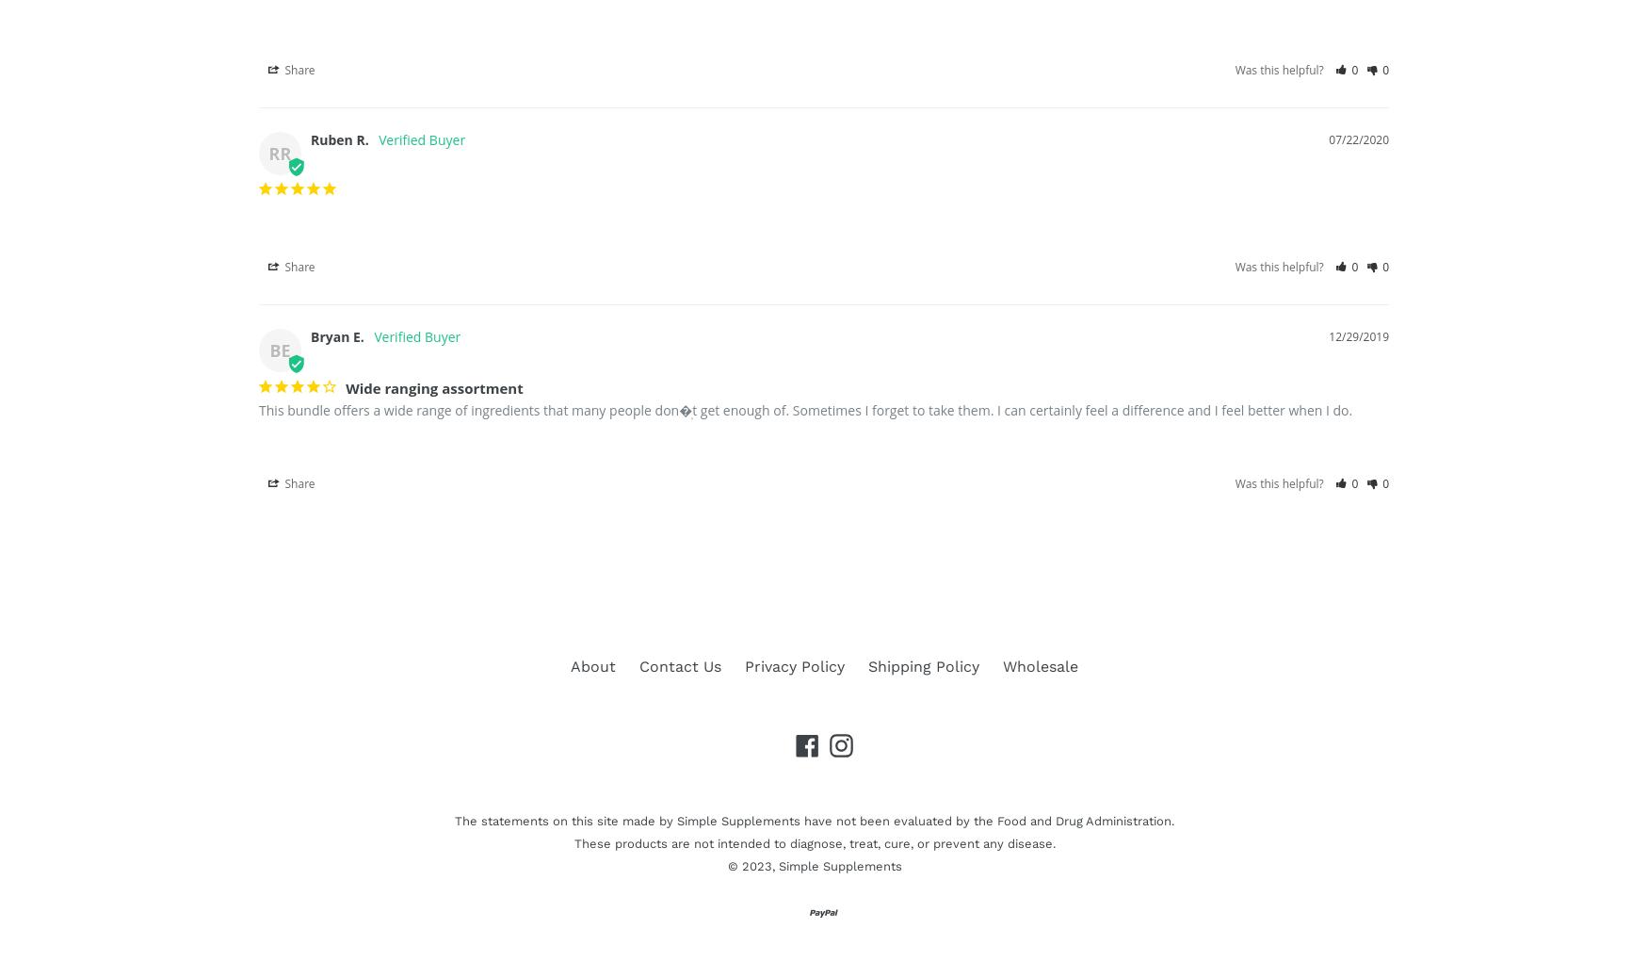 The width and height of the screenshot is (1648, 978). What do you see at coordinates (923, 664) in the screenshot?
I see `'Shipping Policy'` at bounding box center [923, 664].